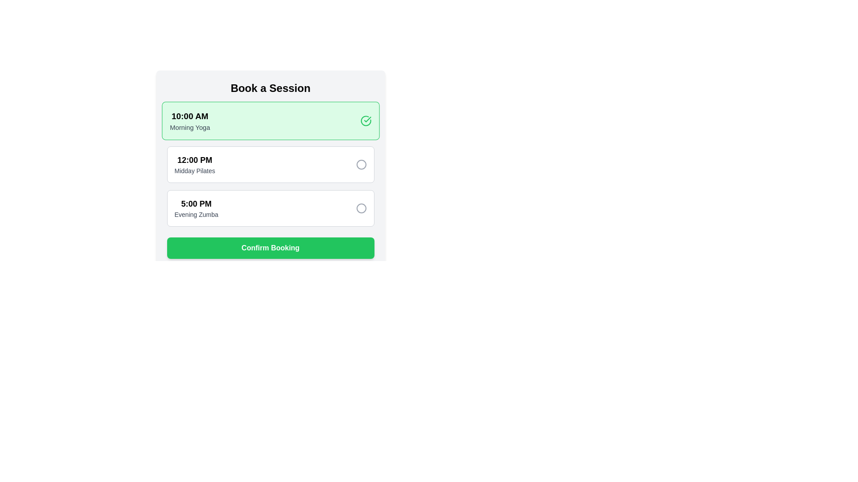 This screenshot has width=858, height=482. Describe the element at coordinates (361, 165) in the screenshot. I see `the circular radio button styled in light gray located next to the text 'Midday Pilates' in the session booking interface` at that location.